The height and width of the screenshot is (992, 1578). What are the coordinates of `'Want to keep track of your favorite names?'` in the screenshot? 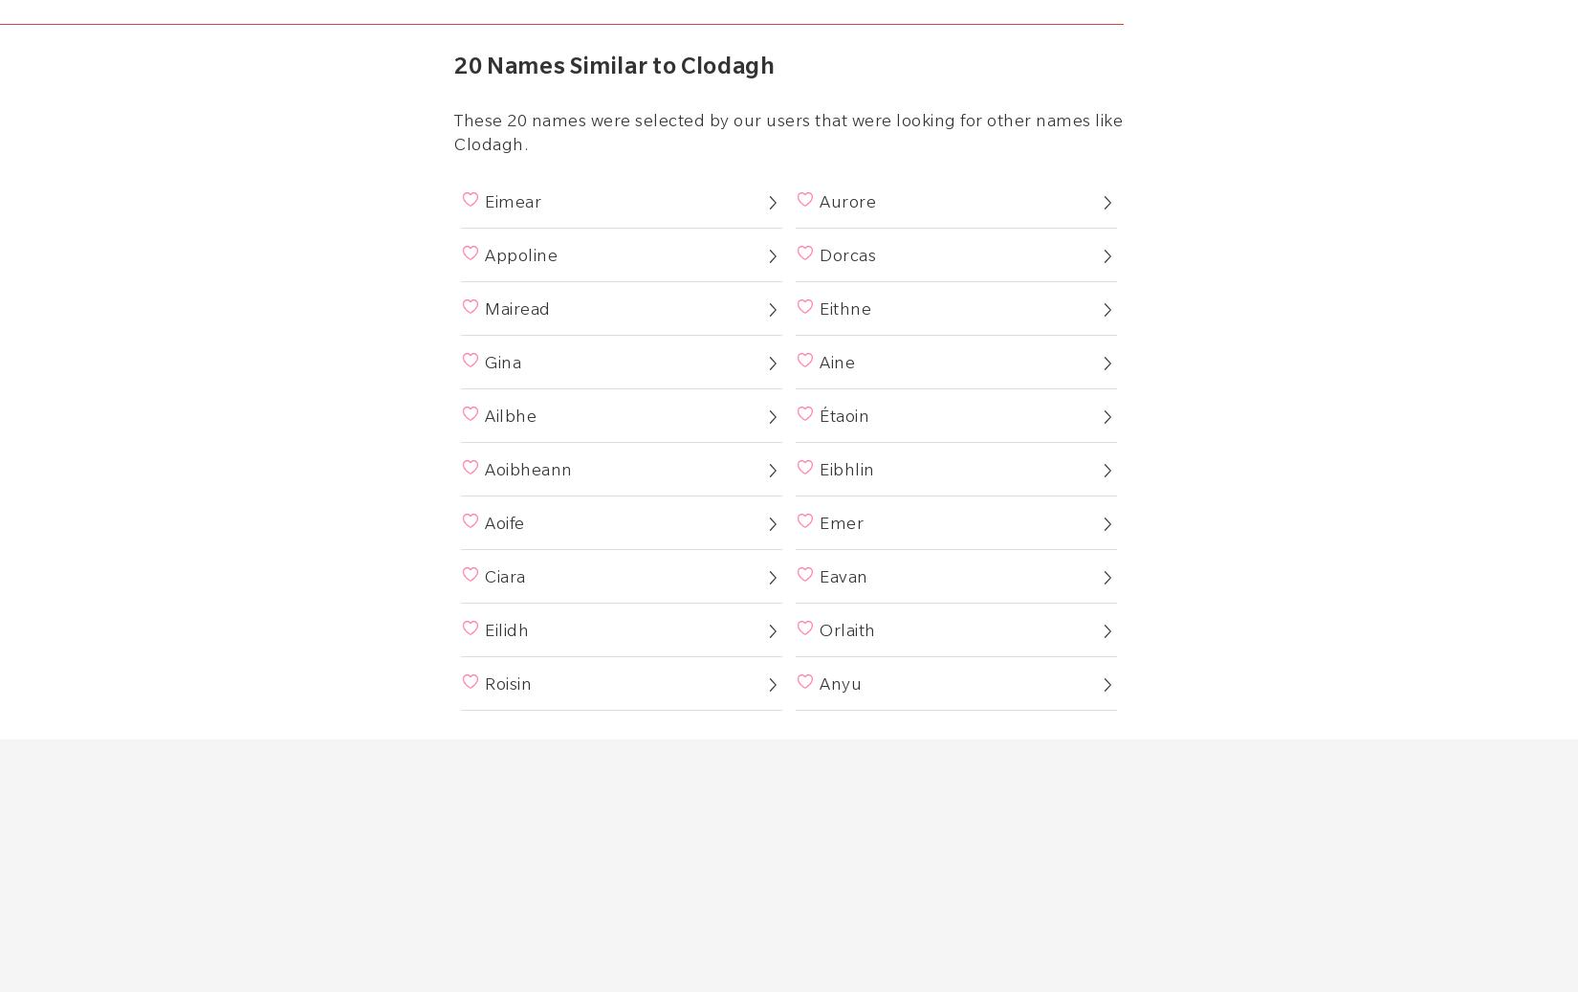 It's located at (779, 170).